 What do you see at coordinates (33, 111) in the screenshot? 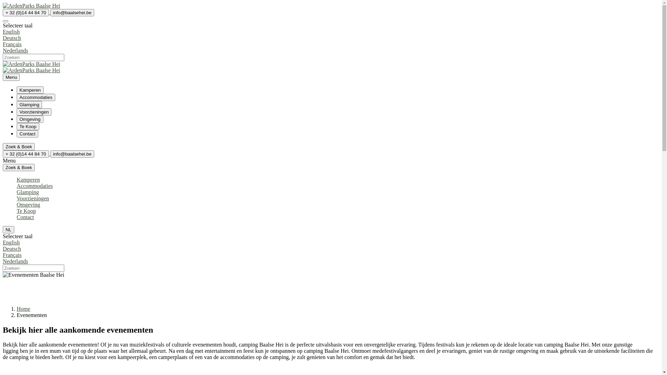
I see `'Voorzieningen'` at bounding box center [33, 111].